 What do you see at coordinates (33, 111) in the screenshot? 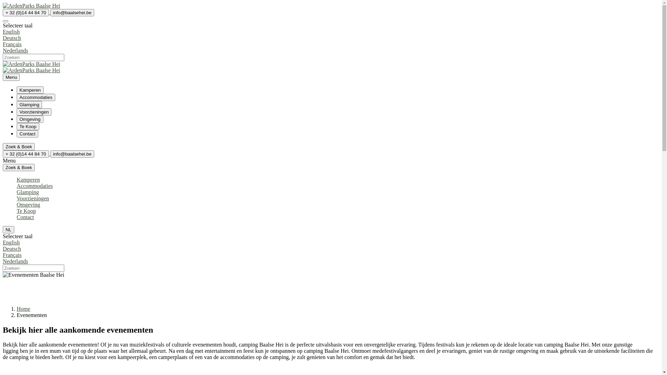
I see `'Voorzieningen'` at bounding box center [33, 111].